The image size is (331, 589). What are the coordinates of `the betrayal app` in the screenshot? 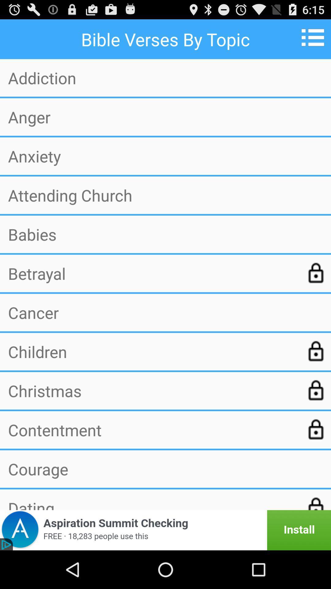 It's located at (152, 273).